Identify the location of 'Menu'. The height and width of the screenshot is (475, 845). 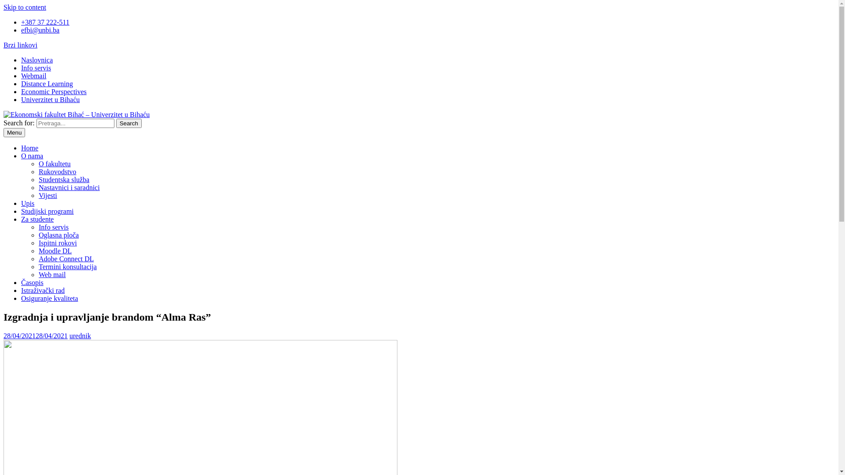
(14, 132).